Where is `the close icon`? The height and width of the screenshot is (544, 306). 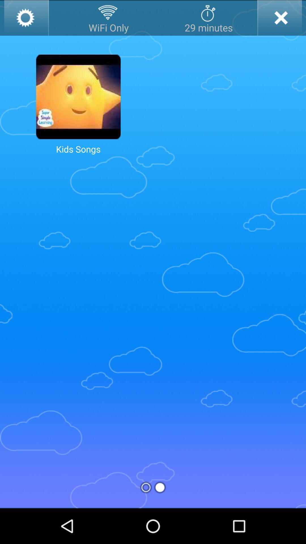 the close icon is located at coordinates (279, 19).